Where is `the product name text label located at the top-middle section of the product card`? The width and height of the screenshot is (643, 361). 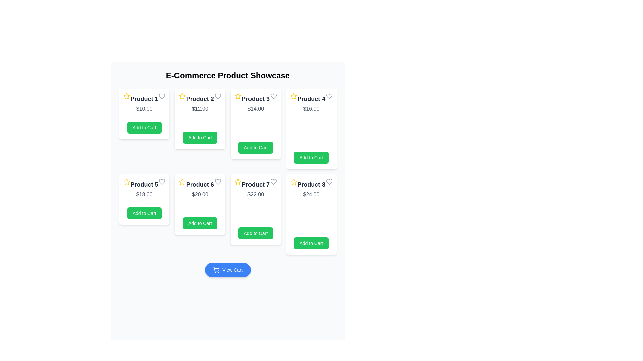
the product name text label located at the top-middle section of the product card is located at coordinates (144, 99).